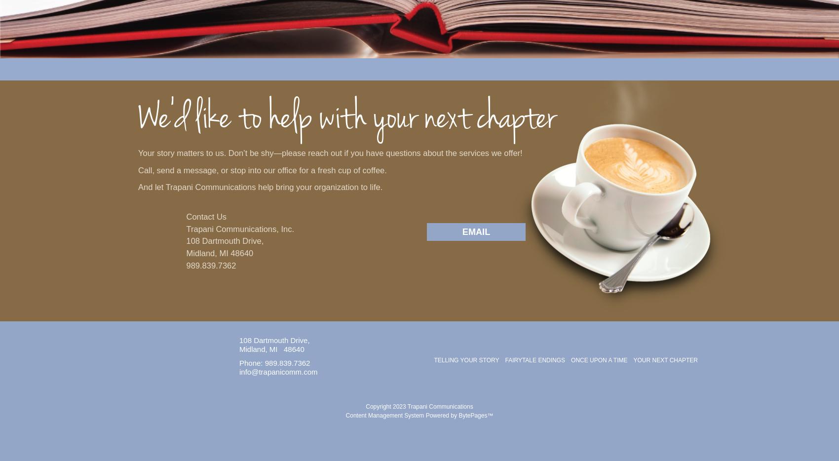 The width and height of the screenshot is (839, 461). Describe the element at coordinates (260, 187) in the screenshot. I see `'And let Trapani Communications help bring your organization to life.'` at that location.